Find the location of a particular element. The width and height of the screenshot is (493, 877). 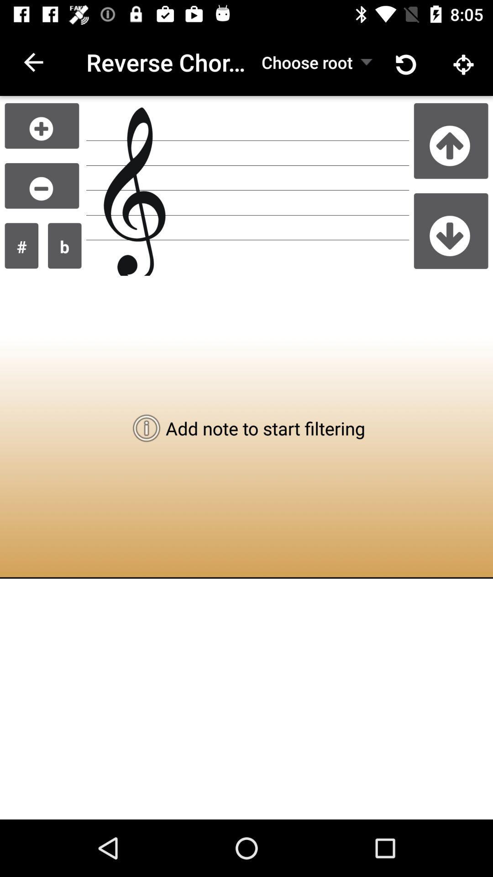

choose next song is located at coordinates (451, 231).